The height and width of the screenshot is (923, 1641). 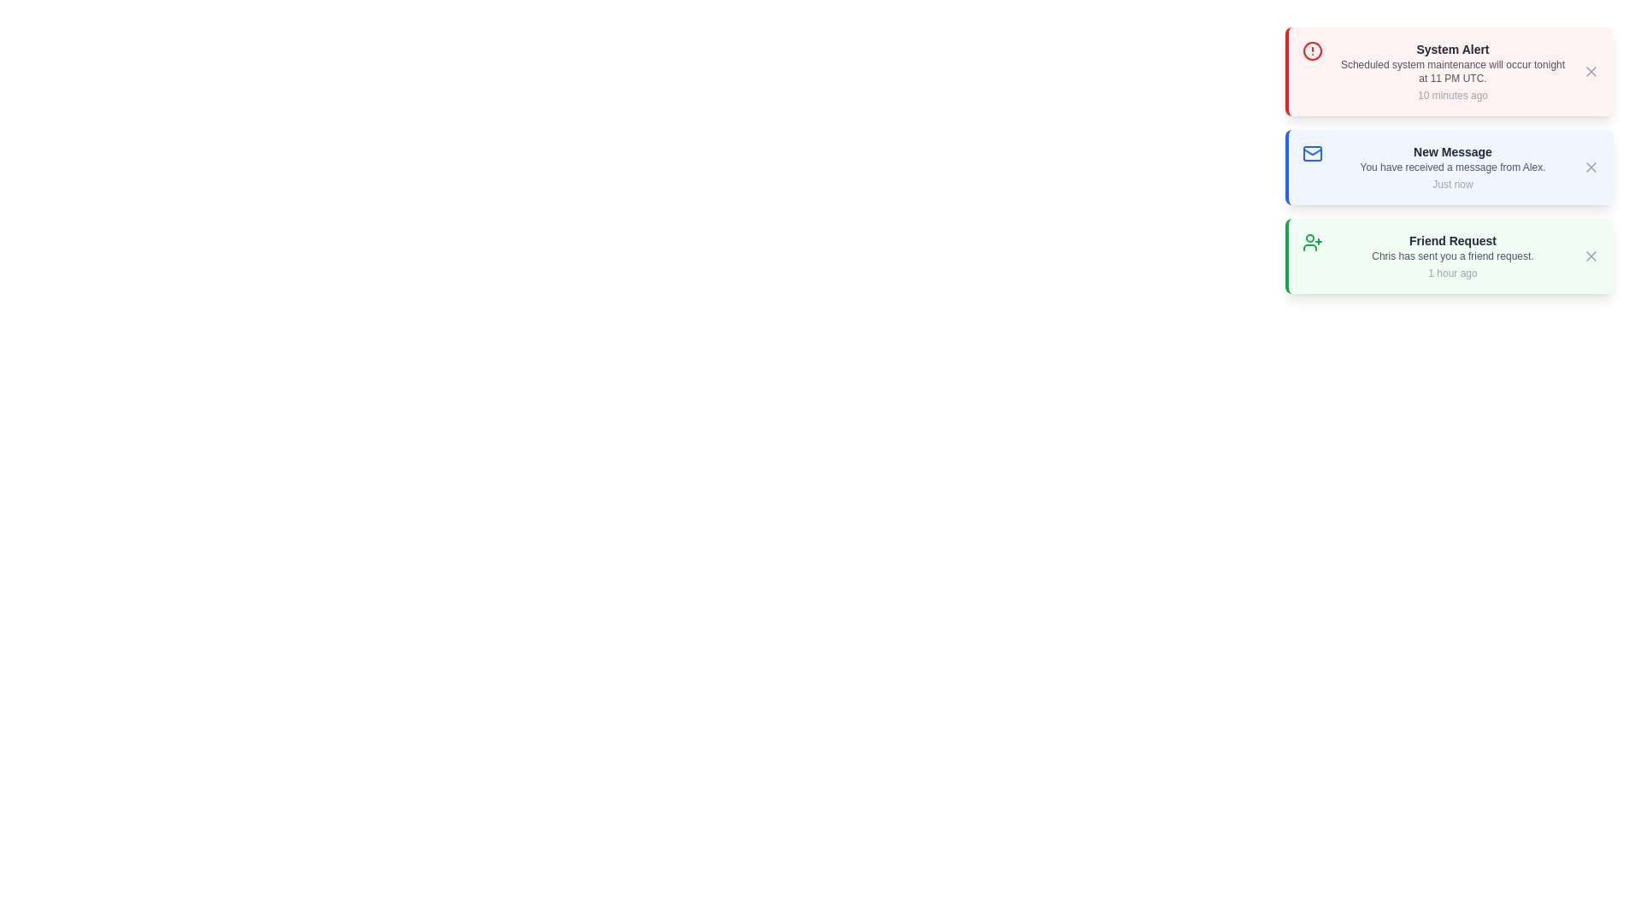 I want to click on the 'X' icon button located at the upper-right section of the green 'Friend Request' notification card, so click(x=1591, y=256).